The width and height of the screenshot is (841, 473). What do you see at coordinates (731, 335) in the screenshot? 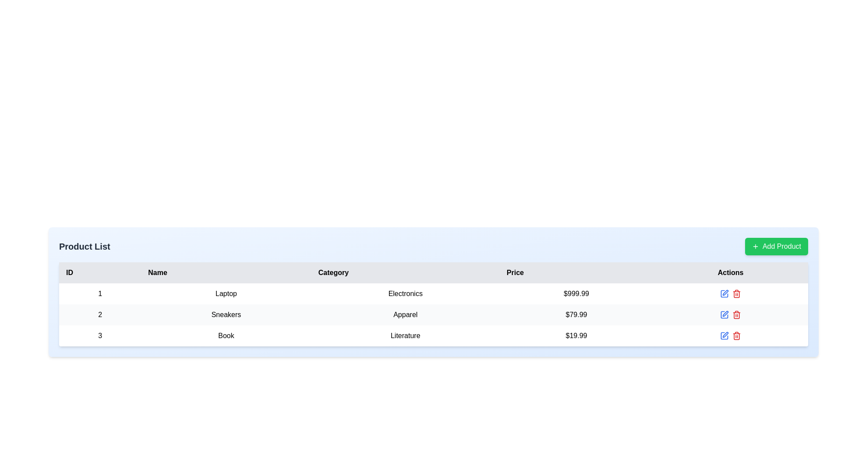
I see `the blue pencil icon in the Actions column of the last row` at bounding box center [731, 335].